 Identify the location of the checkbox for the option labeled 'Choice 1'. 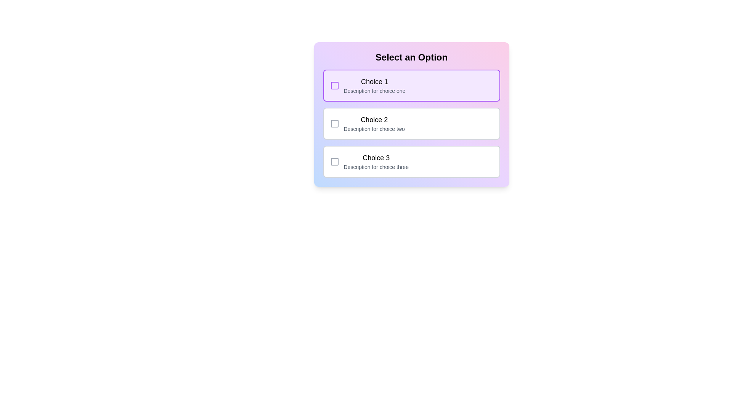
(334, 85).